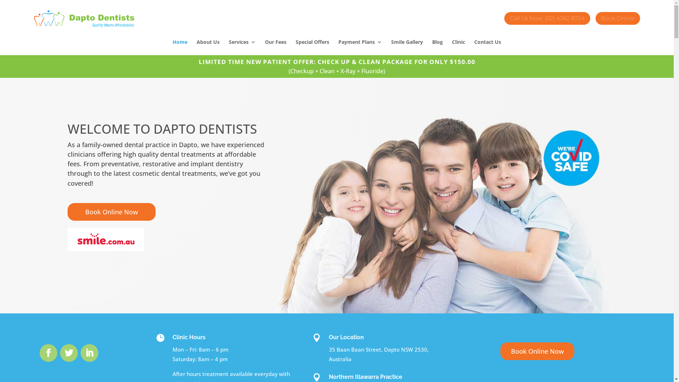 Image resolution: width=679 pixels, height=382 pixels. I want to click on 'smile.com.au', so click(67, 239).